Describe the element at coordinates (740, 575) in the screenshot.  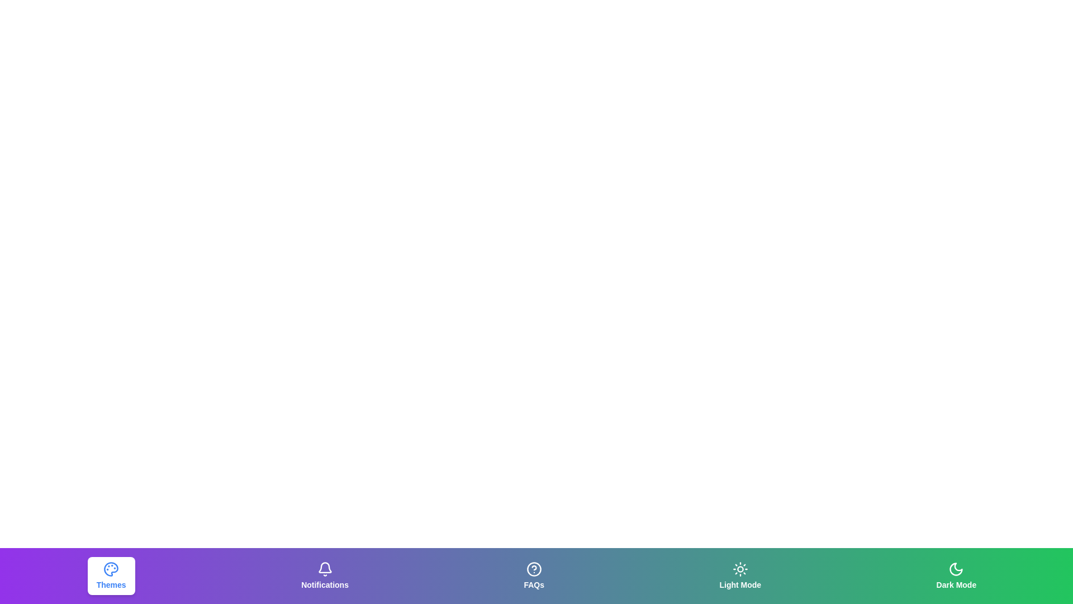
I see `the Light Mode tab to observe its hover effect` at that location.